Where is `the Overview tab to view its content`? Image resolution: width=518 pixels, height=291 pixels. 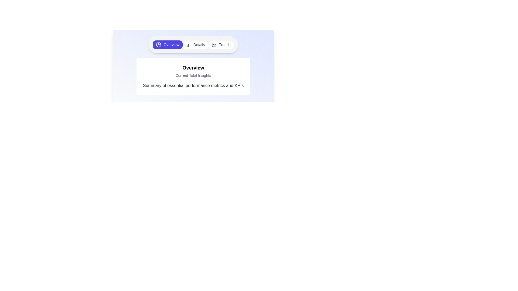
the Overview tab to view its content is located at coordinates (167, 44).